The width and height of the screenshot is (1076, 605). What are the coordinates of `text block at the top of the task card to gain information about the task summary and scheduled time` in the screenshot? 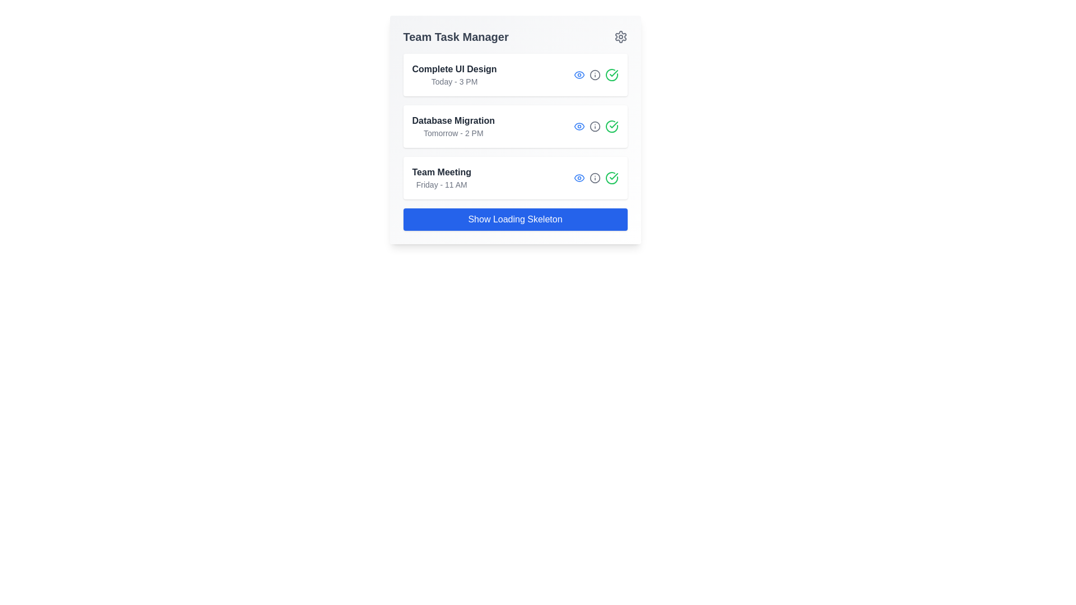 It's located at (454, 75).